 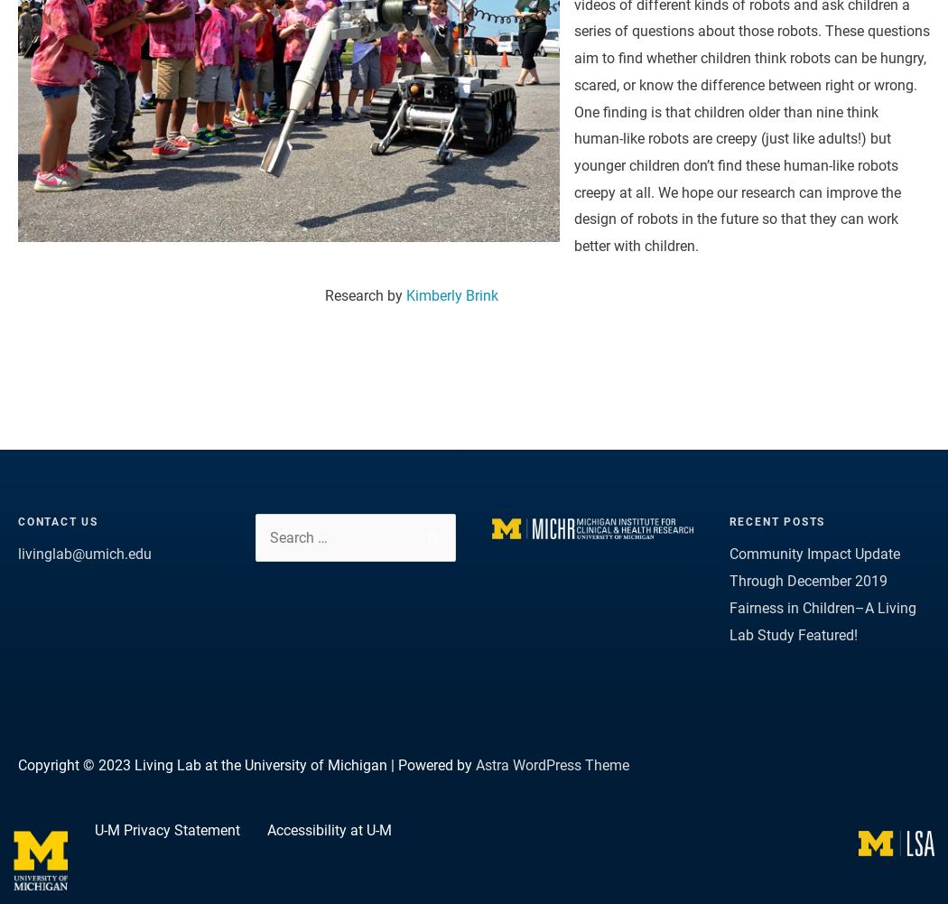 What do you see at coordinates (431, 763) in the screenshot?
I see `'| Powered by'` at bounding box center [431, 763].